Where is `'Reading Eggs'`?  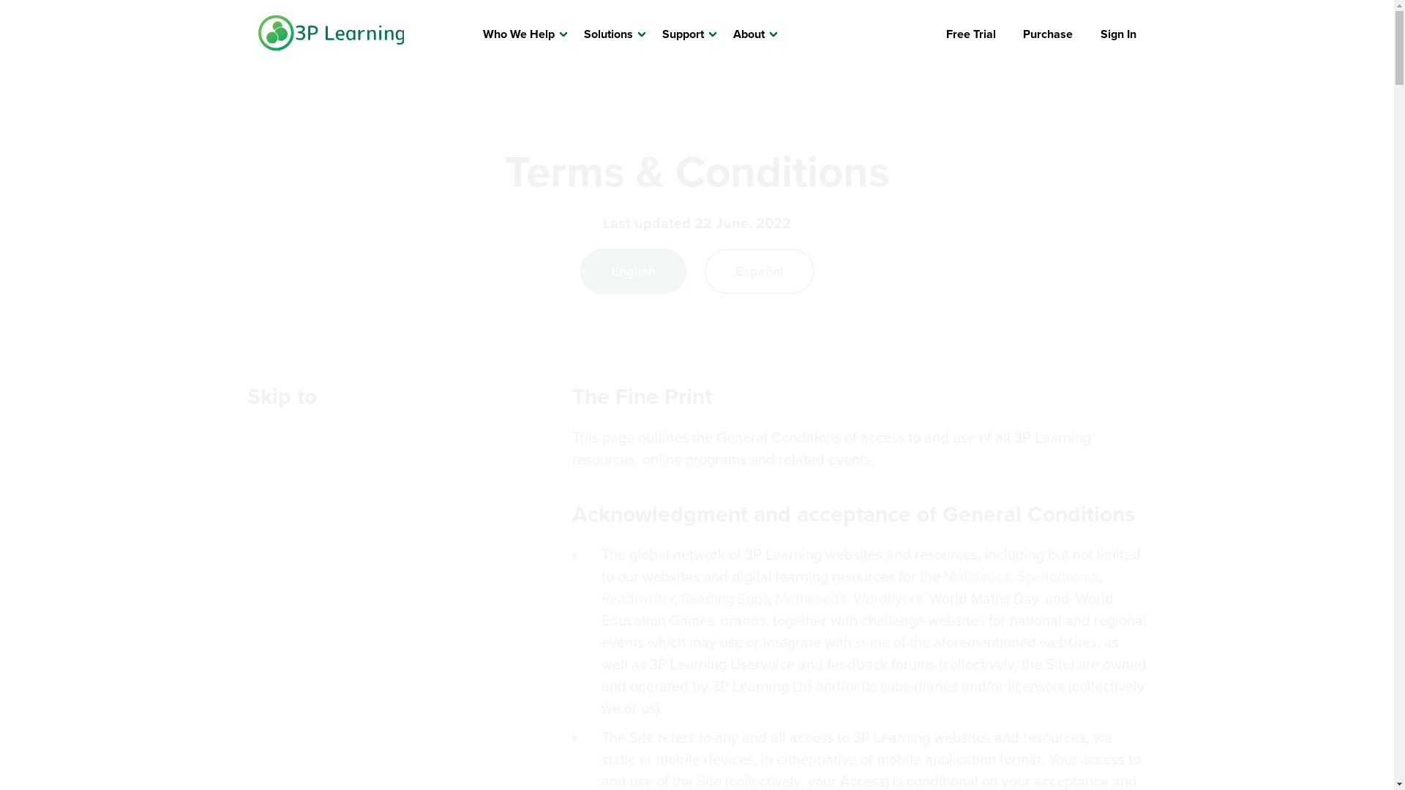
'Reading Eggs' is located at coordinates (724, 598).